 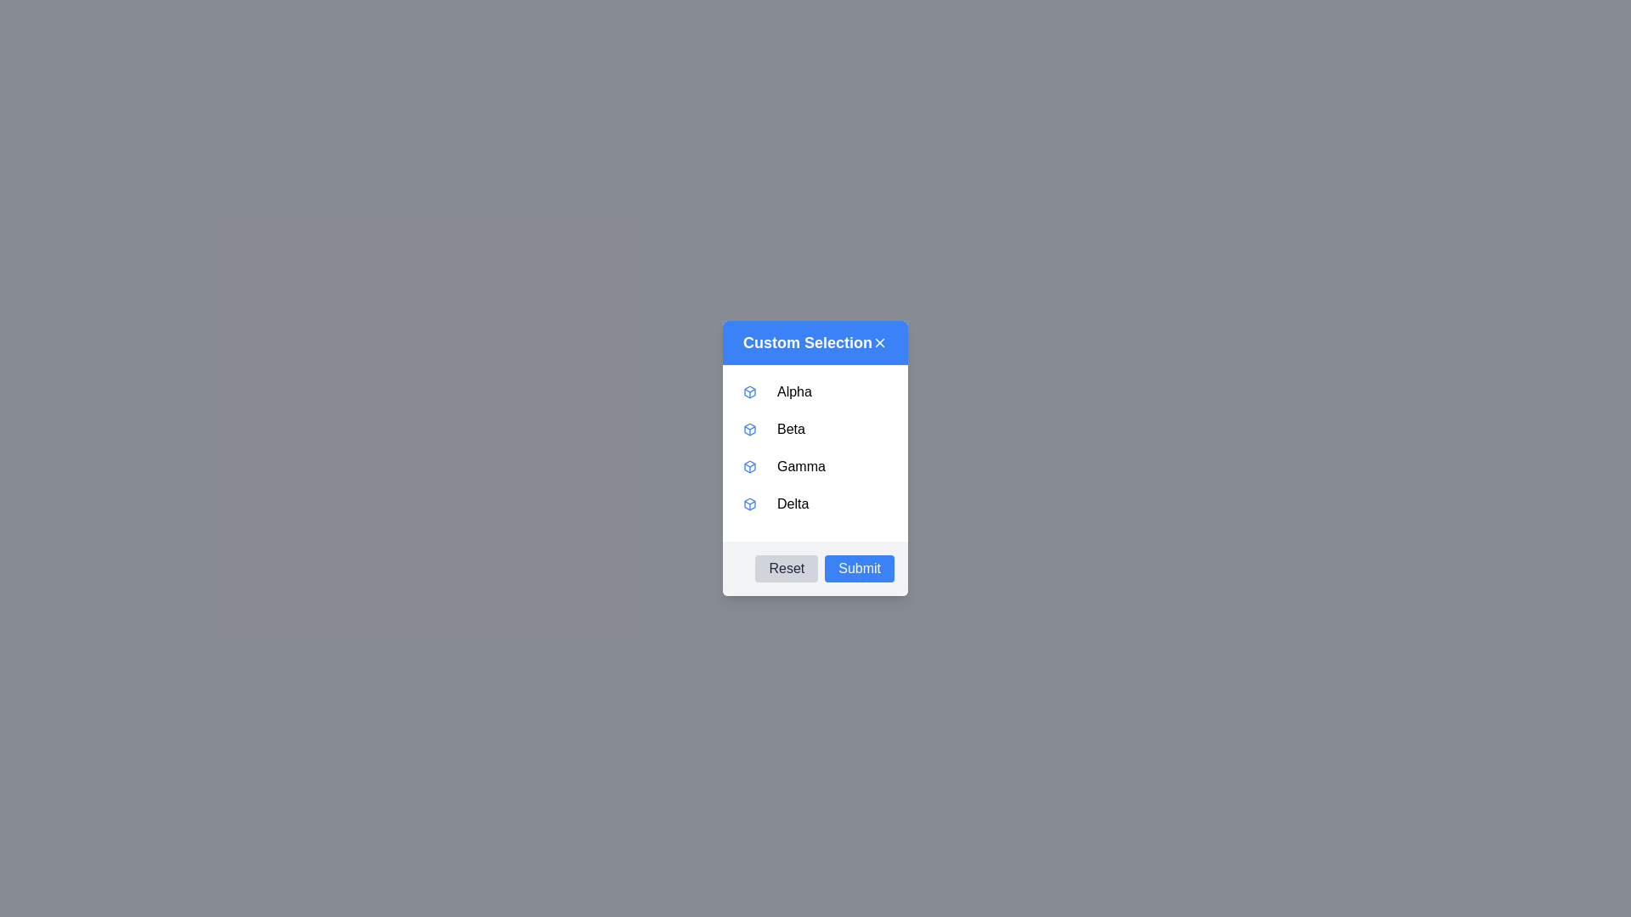 What do you see at coordinates (790, 428) in the screenshot?
I see `the text label reading 'Beta'` at bounding box center [790, 428].